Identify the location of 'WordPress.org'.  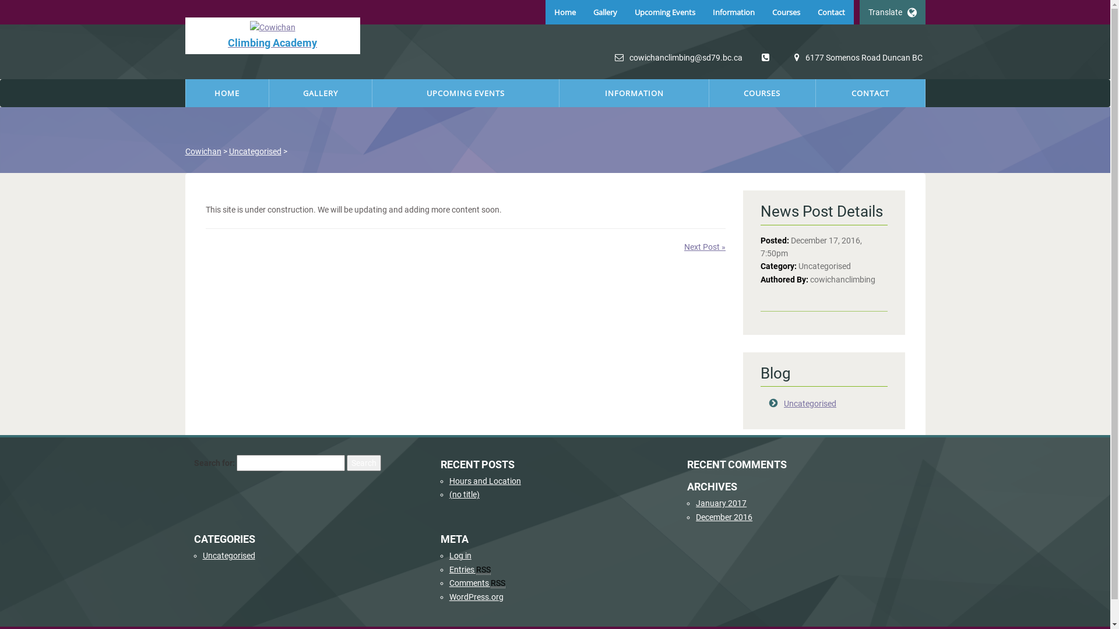
(476, 597).